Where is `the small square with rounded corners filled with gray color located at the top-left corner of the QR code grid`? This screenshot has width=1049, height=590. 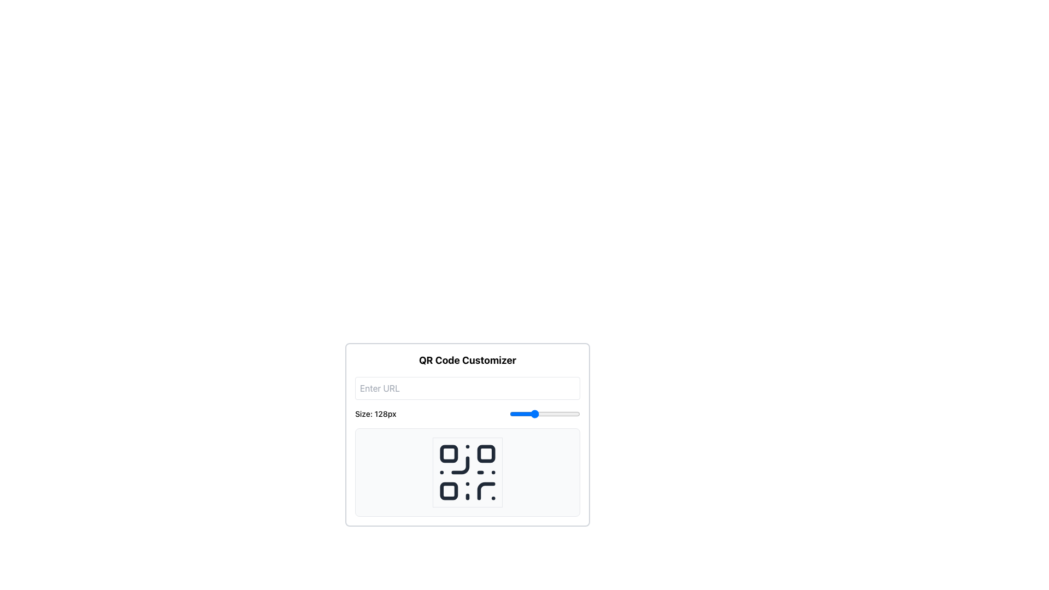
the small square with rounded corners filled with gray color located at the top-left corner of the QR code grid is located at coordinates (449, 453).